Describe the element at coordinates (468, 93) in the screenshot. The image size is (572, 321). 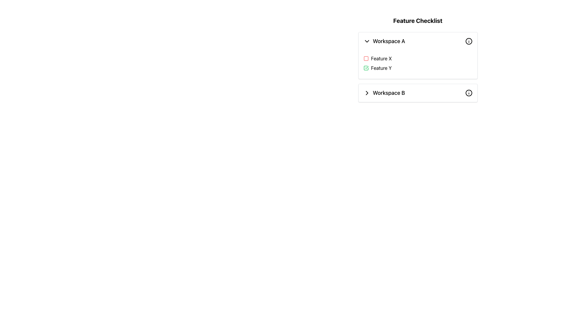
I see `the interactive icon positioned at the far right of the row labeled 'Workspace B'` at that location.